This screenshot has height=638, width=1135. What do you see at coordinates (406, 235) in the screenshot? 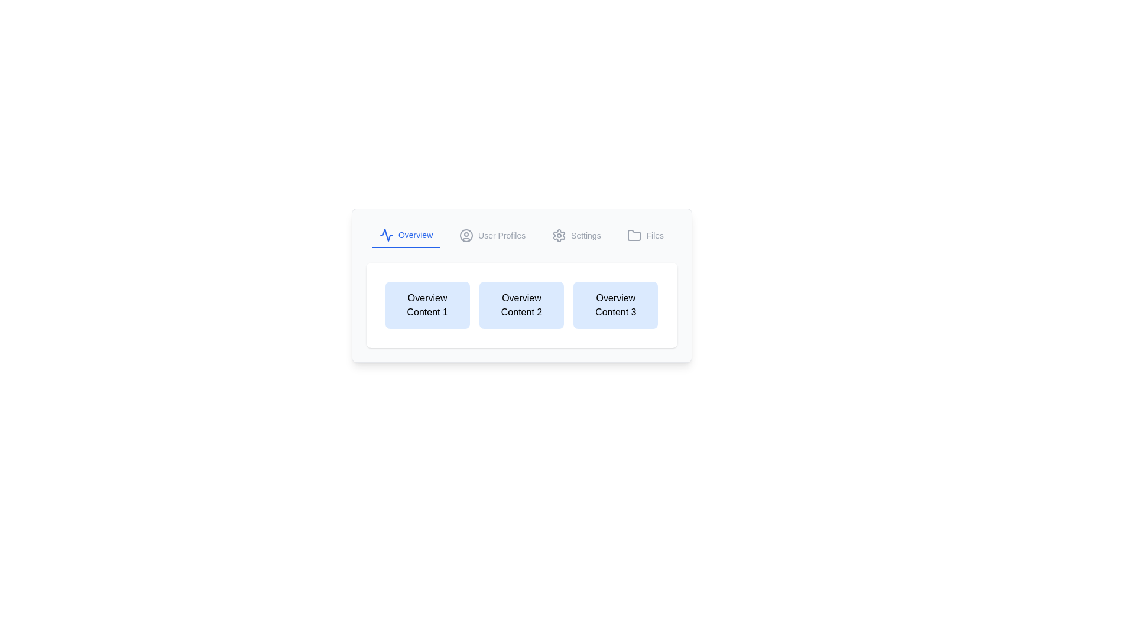
I see `the leftmost Navigation Tab` at bounding box center [406, 235].